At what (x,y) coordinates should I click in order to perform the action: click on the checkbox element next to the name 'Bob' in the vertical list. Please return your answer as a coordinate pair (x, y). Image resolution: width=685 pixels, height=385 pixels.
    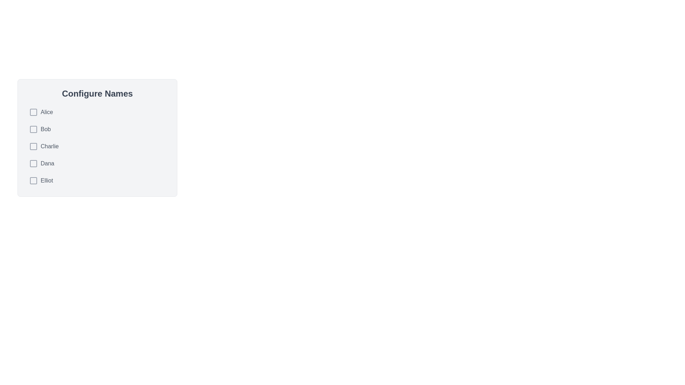
    Looking at the image, I should click on (33, 129).